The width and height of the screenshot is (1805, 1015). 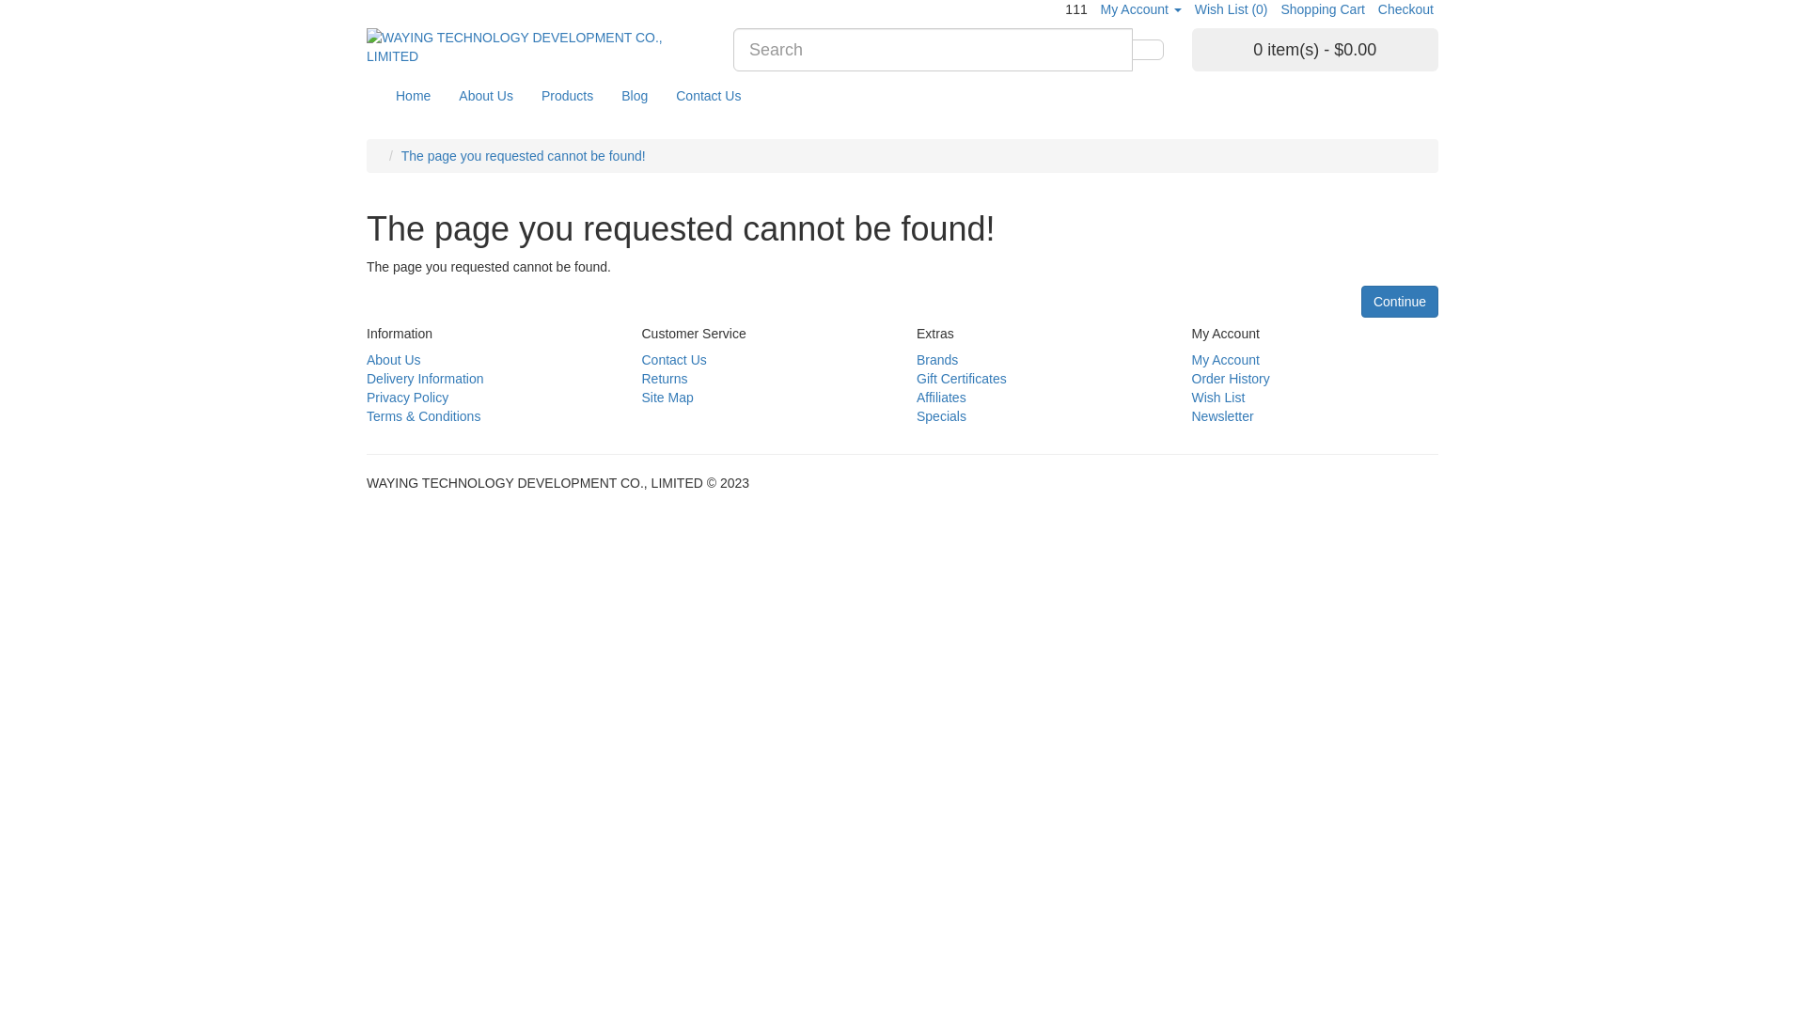 What do you see at coordinates (916, 378) in the screenshot?
I see `'Gift Certificates'` at bounding box center [916, 378].